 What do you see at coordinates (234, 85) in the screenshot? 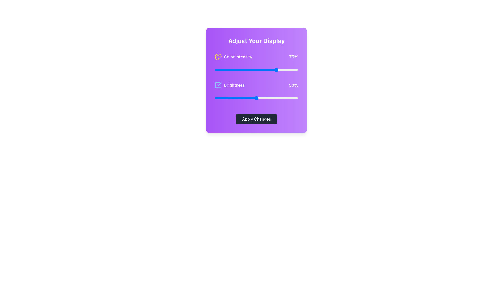
I see `text label displaying 'Brightness' which is located to the right of a checkbox icon in a control group with a gradient purple background` at bounding box center [234, 85].